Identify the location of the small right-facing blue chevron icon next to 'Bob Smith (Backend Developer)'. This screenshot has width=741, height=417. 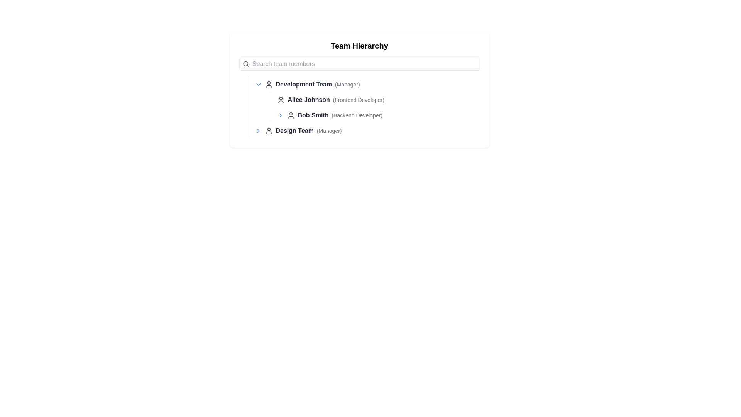
(280, 115).